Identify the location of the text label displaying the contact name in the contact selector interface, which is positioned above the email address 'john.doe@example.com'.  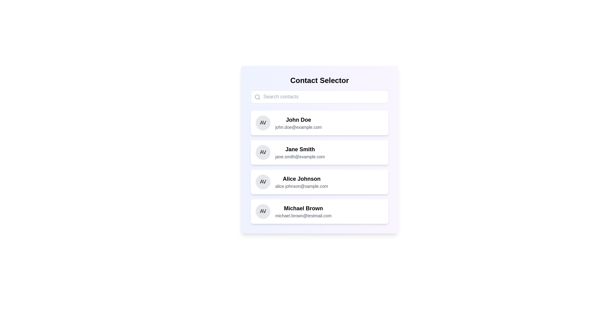
(298, 120).